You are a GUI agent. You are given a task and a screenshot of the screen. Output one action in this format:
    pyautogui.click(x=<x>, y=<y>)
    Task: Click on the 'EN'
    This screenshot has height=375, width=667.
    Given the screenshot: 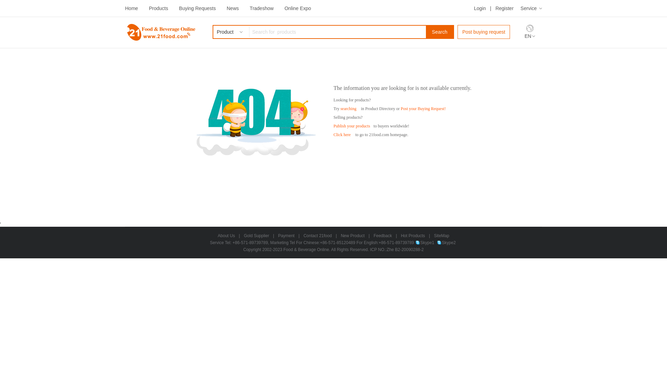 What is the action you would take?
    pyautogui.click(x=529, y=36)
    